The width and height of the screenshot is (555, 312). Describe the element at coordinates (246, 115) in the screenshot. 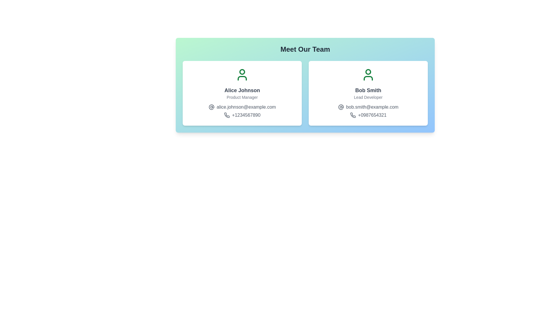

I see `the phone number label of 'Alice Johnson', which is located beneath the email address and to the right of the phone icon` at that location.